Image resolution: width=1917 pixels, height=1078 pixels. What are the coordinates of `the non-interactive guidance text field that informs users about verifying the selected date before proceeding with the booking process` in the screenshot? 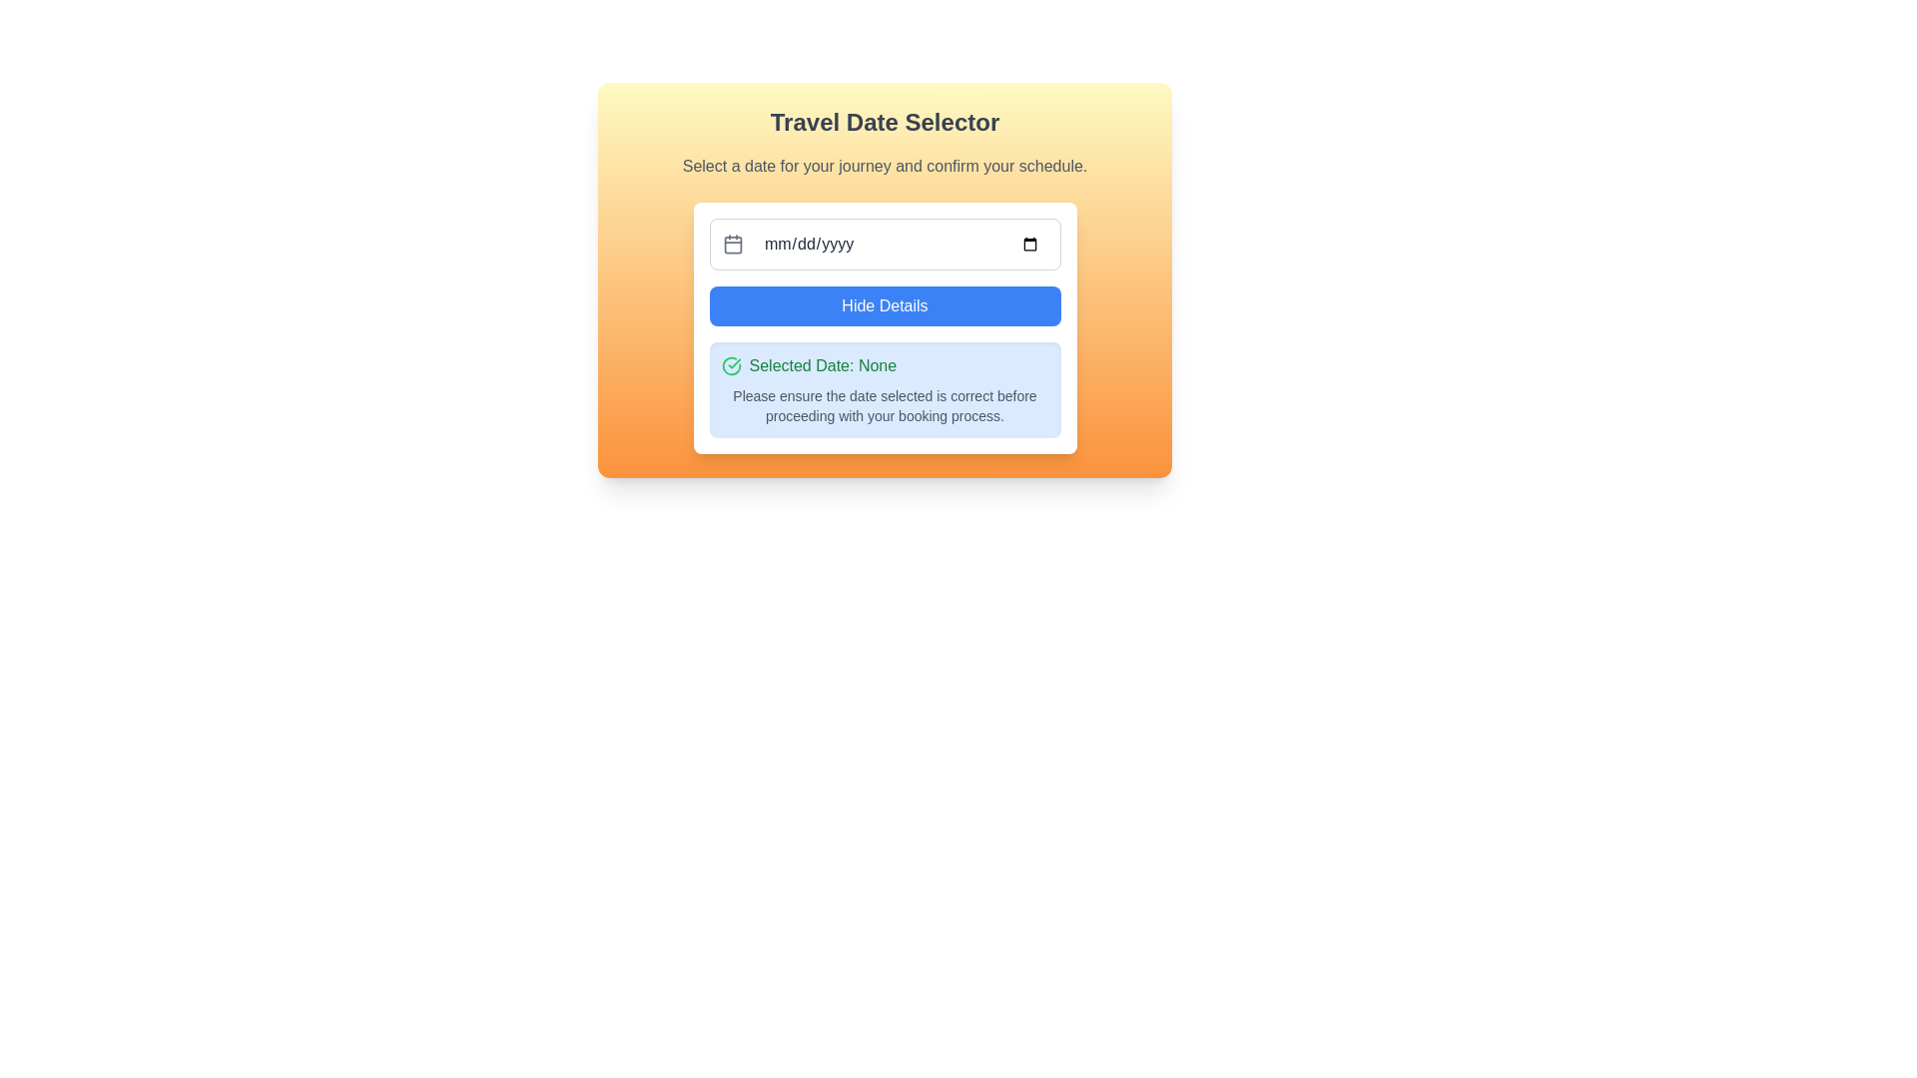 It's located at (884, 405).